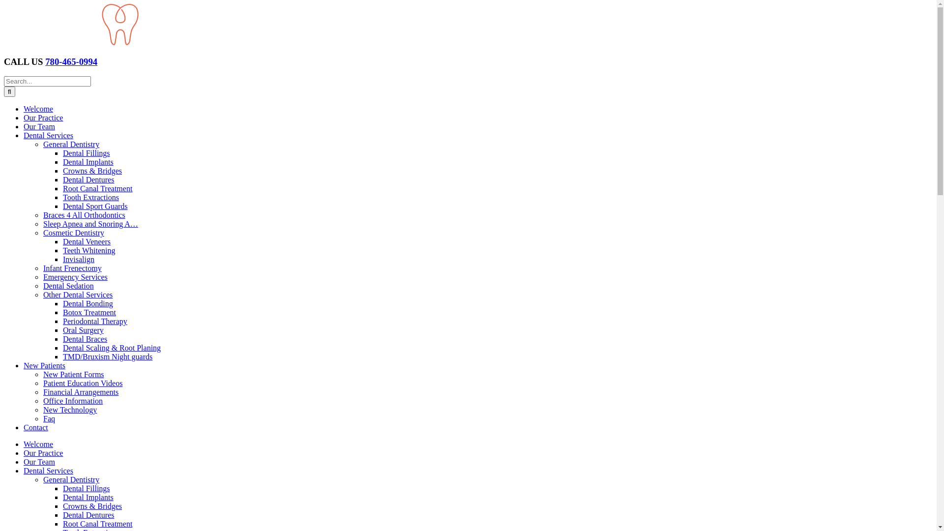 Image resolution: width=944 pixels, height=531 pixels. I want to click on 'Dental Bonding', so click(62, 303).